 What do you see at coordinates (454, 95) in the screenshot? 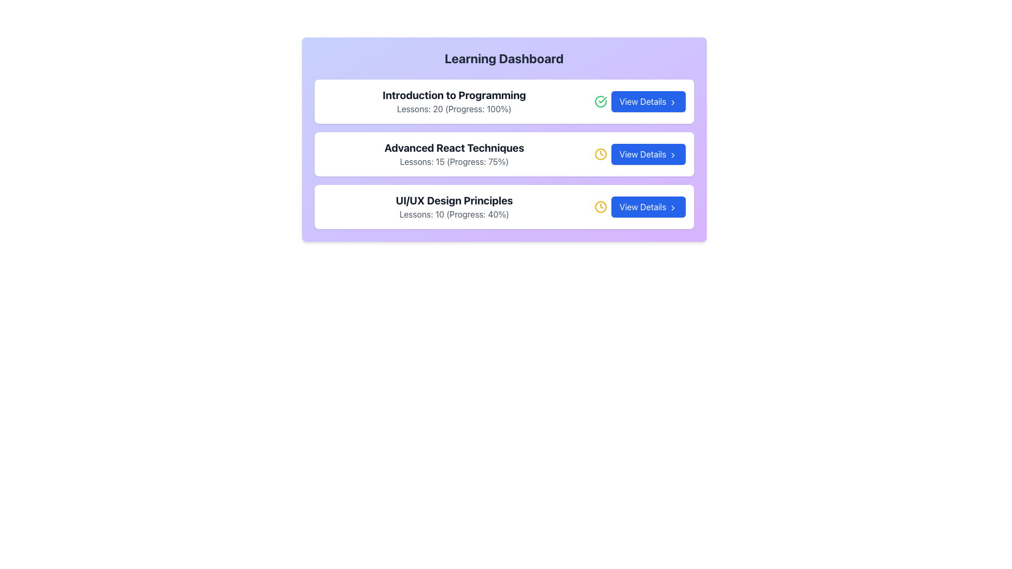
I see `the text 'Introduction to Programming' displayed in bold and large font size, which is located near the top of the dashboard interface` at bounding box center [454, 95].